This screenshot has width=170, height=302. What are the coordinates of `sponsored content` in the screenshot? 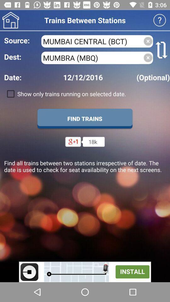 It's located at (85, 271).